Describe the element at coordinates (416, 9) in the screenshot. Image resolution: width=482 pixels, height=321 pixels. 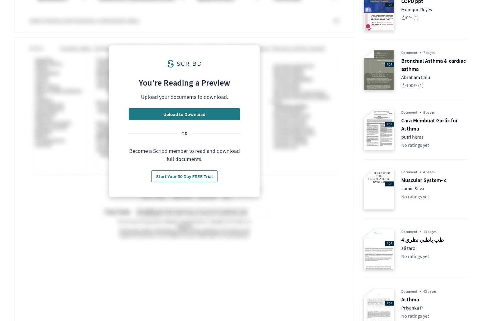
I see `'Monique Reyes'` at that location.